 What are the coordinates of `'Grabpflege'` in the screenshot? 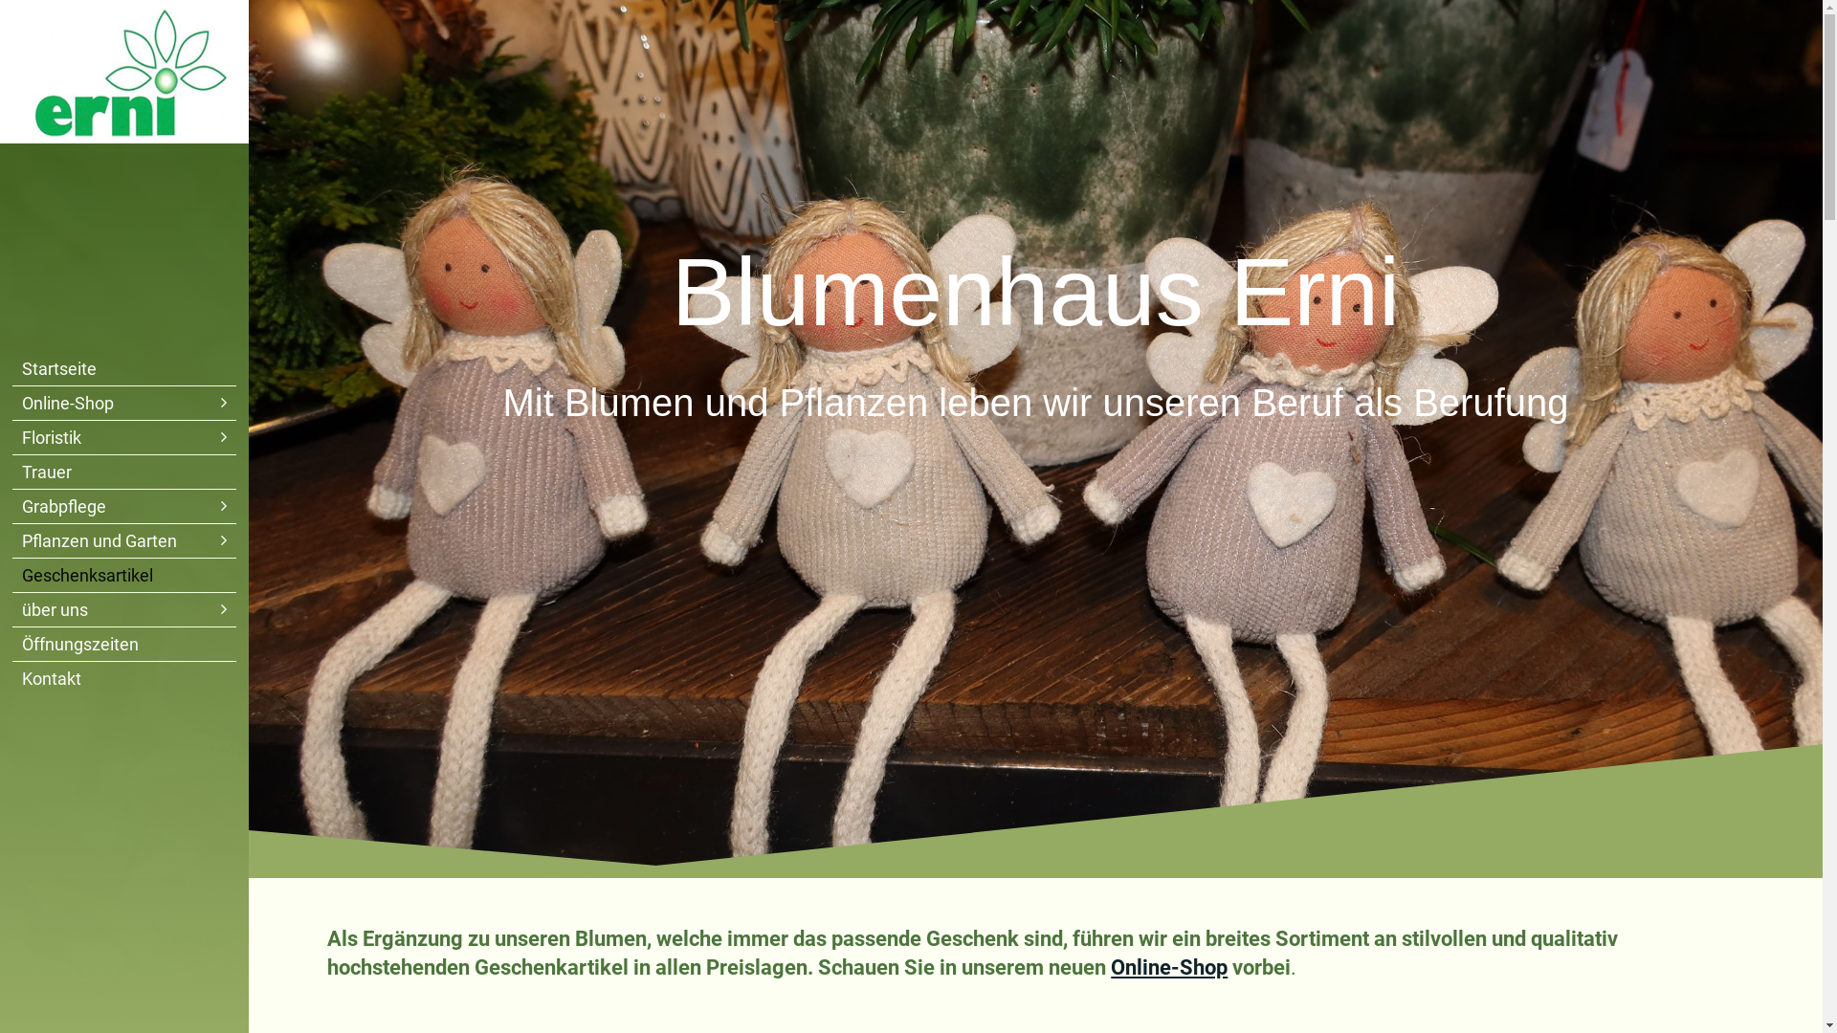 It's located at (122, 505).